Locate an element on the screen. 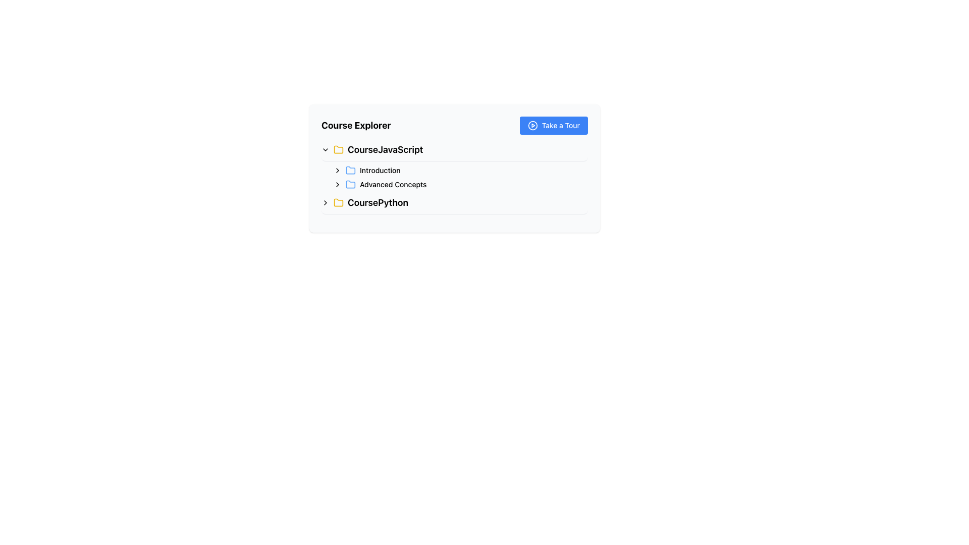  the button labeled 'Take a Tour' with a bright blue background and white text is located at coordinates (553, 125).